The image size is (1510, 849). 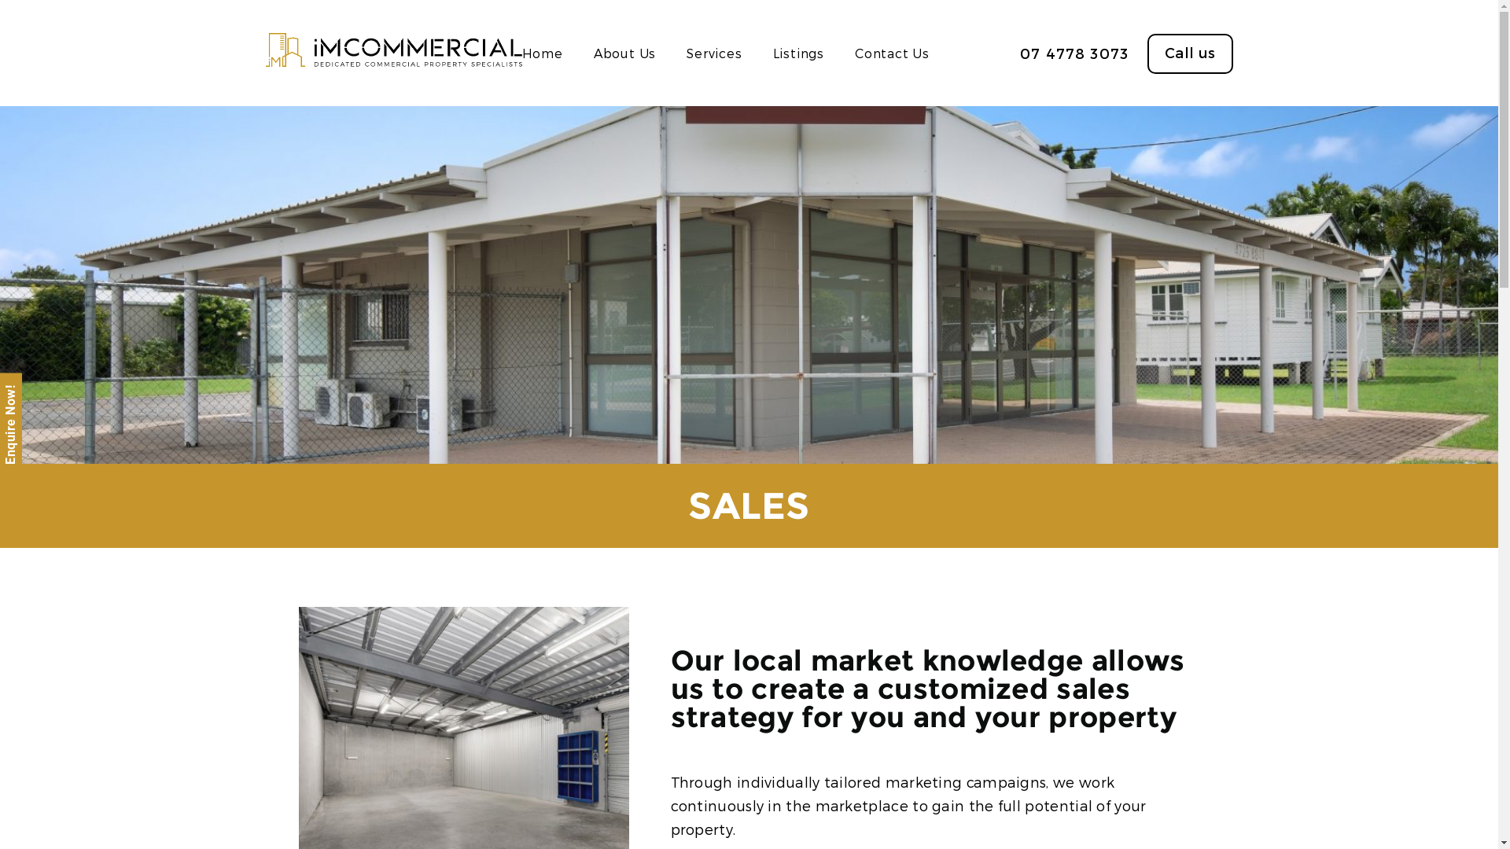 I want to click on 'About Us', so click(x=592, y=52).